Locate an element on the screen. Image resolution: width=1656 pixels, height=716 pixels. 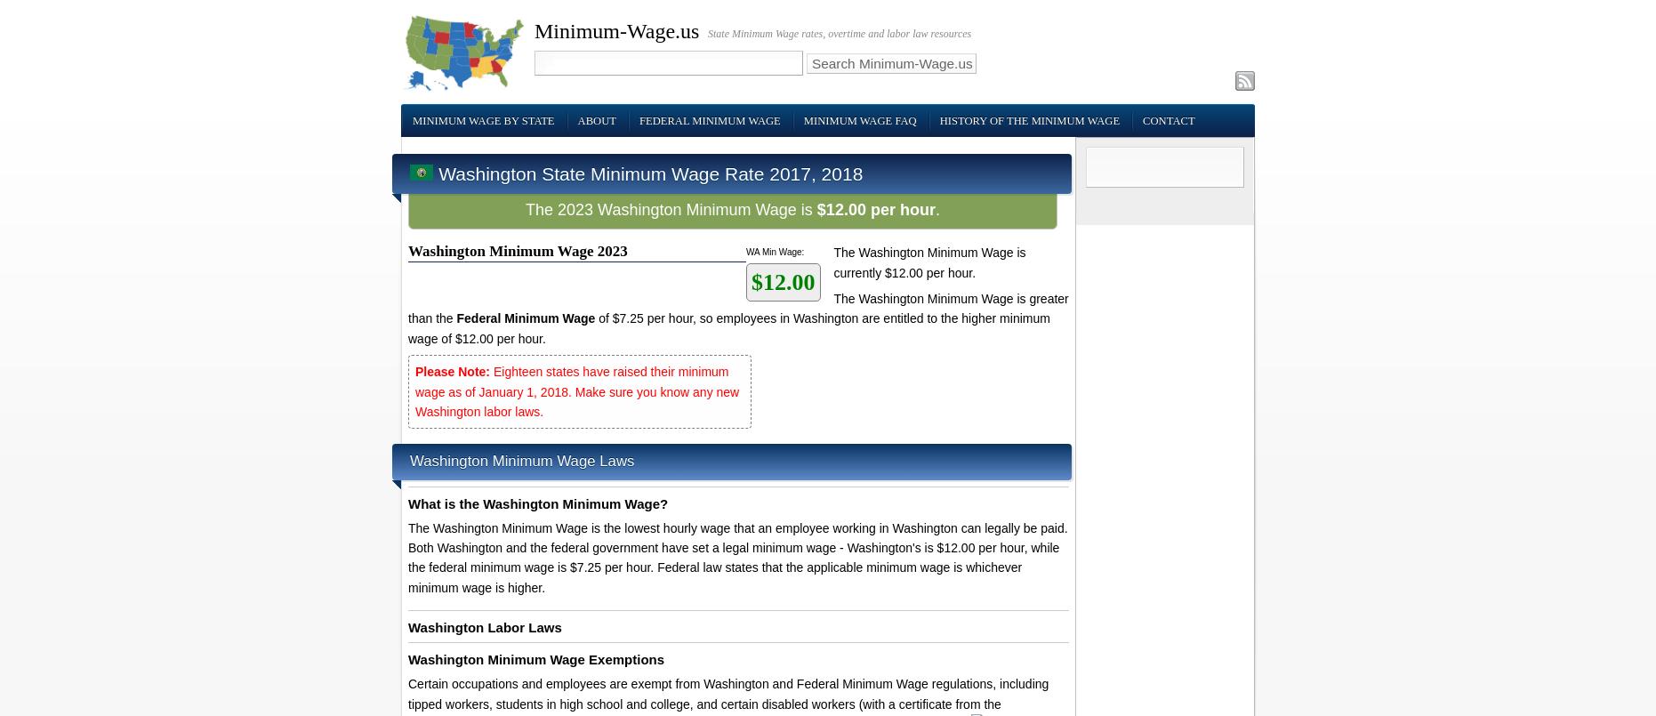
'of $7.25 per hour, so employees in Washington are entitled to the higher minimum wage of $12.00 per hour.' is located at coordinates (406, 328).